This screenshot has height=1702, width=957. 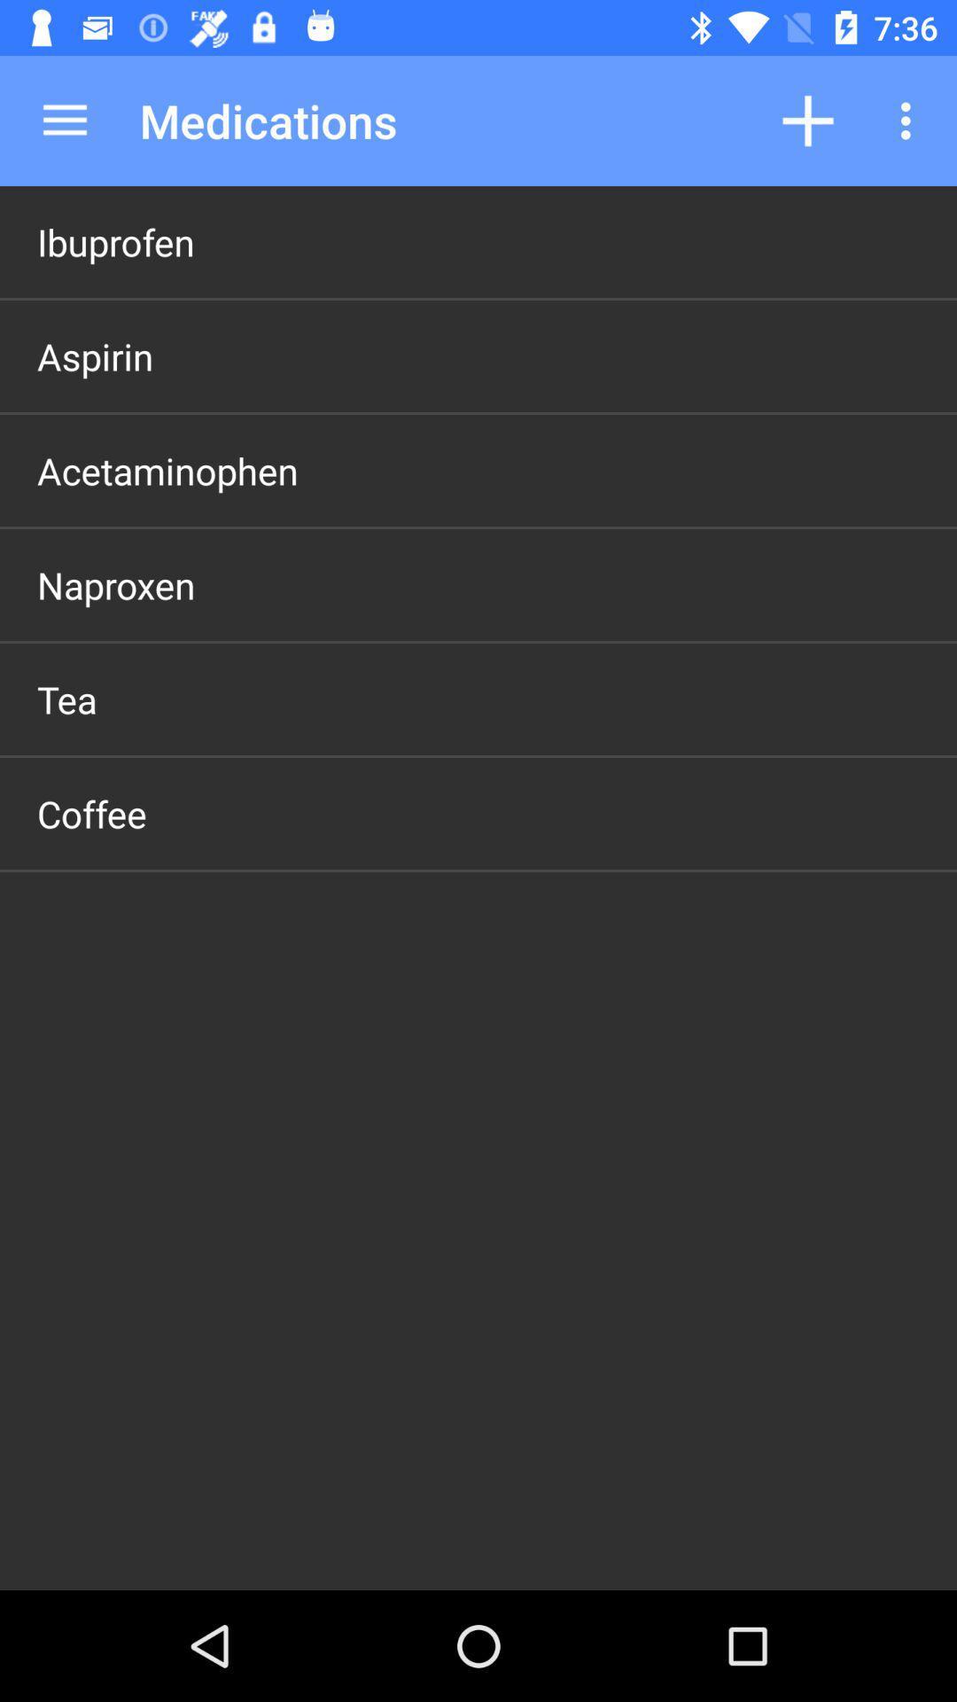 What do you see at coordinates (64, 120) in the screenshot?
I see `the item above ibuprofen app` at bounding box center [64, 120].